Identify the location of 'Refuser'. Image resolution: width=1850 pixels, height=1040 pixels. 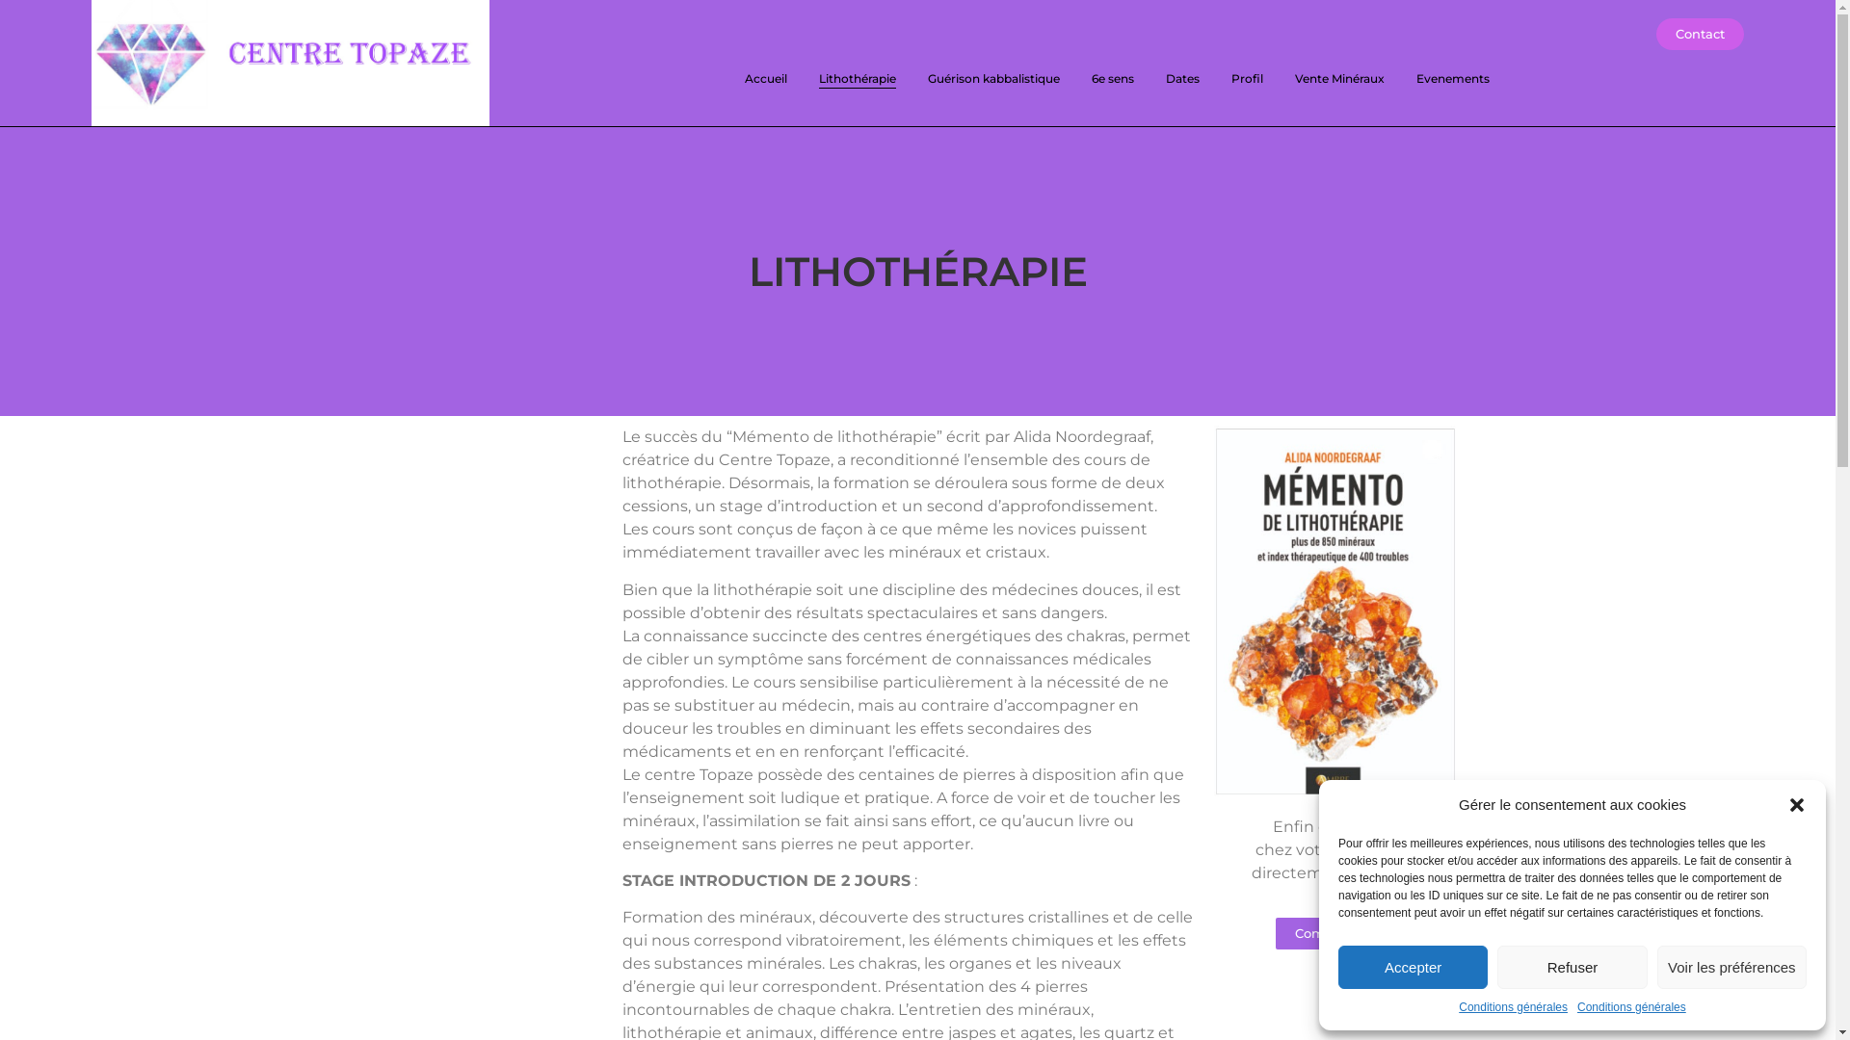
(1496, 967).